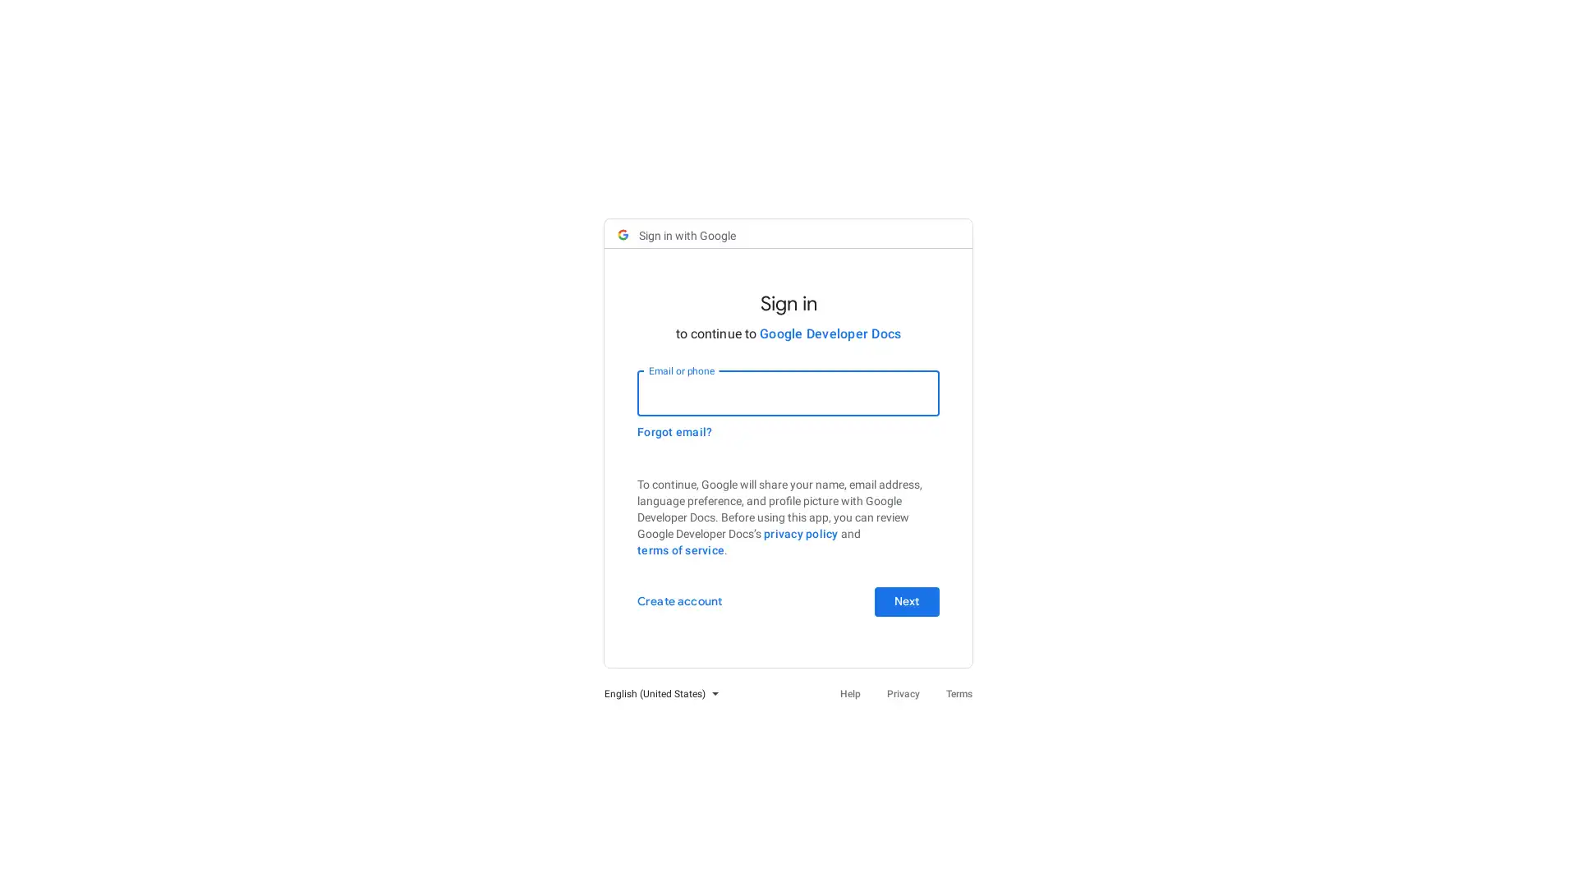 The height and width of the screenshot is (887, 1577). What do you see at coordinates (906, 601) in the screenshot?
I see `Next` at bounding box center [906, 601].